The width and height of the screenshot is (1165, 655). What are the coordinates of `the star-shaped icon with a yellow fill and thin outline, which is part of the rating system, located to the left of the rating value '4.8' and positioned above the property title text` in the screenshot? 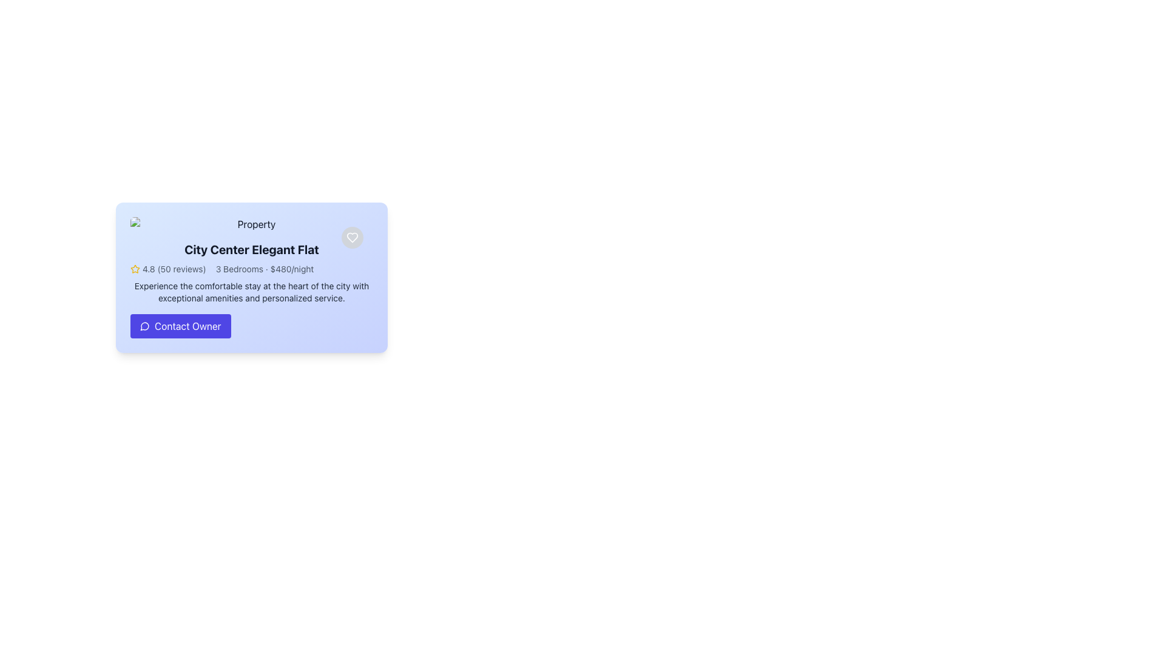 It's located at (135, 268).